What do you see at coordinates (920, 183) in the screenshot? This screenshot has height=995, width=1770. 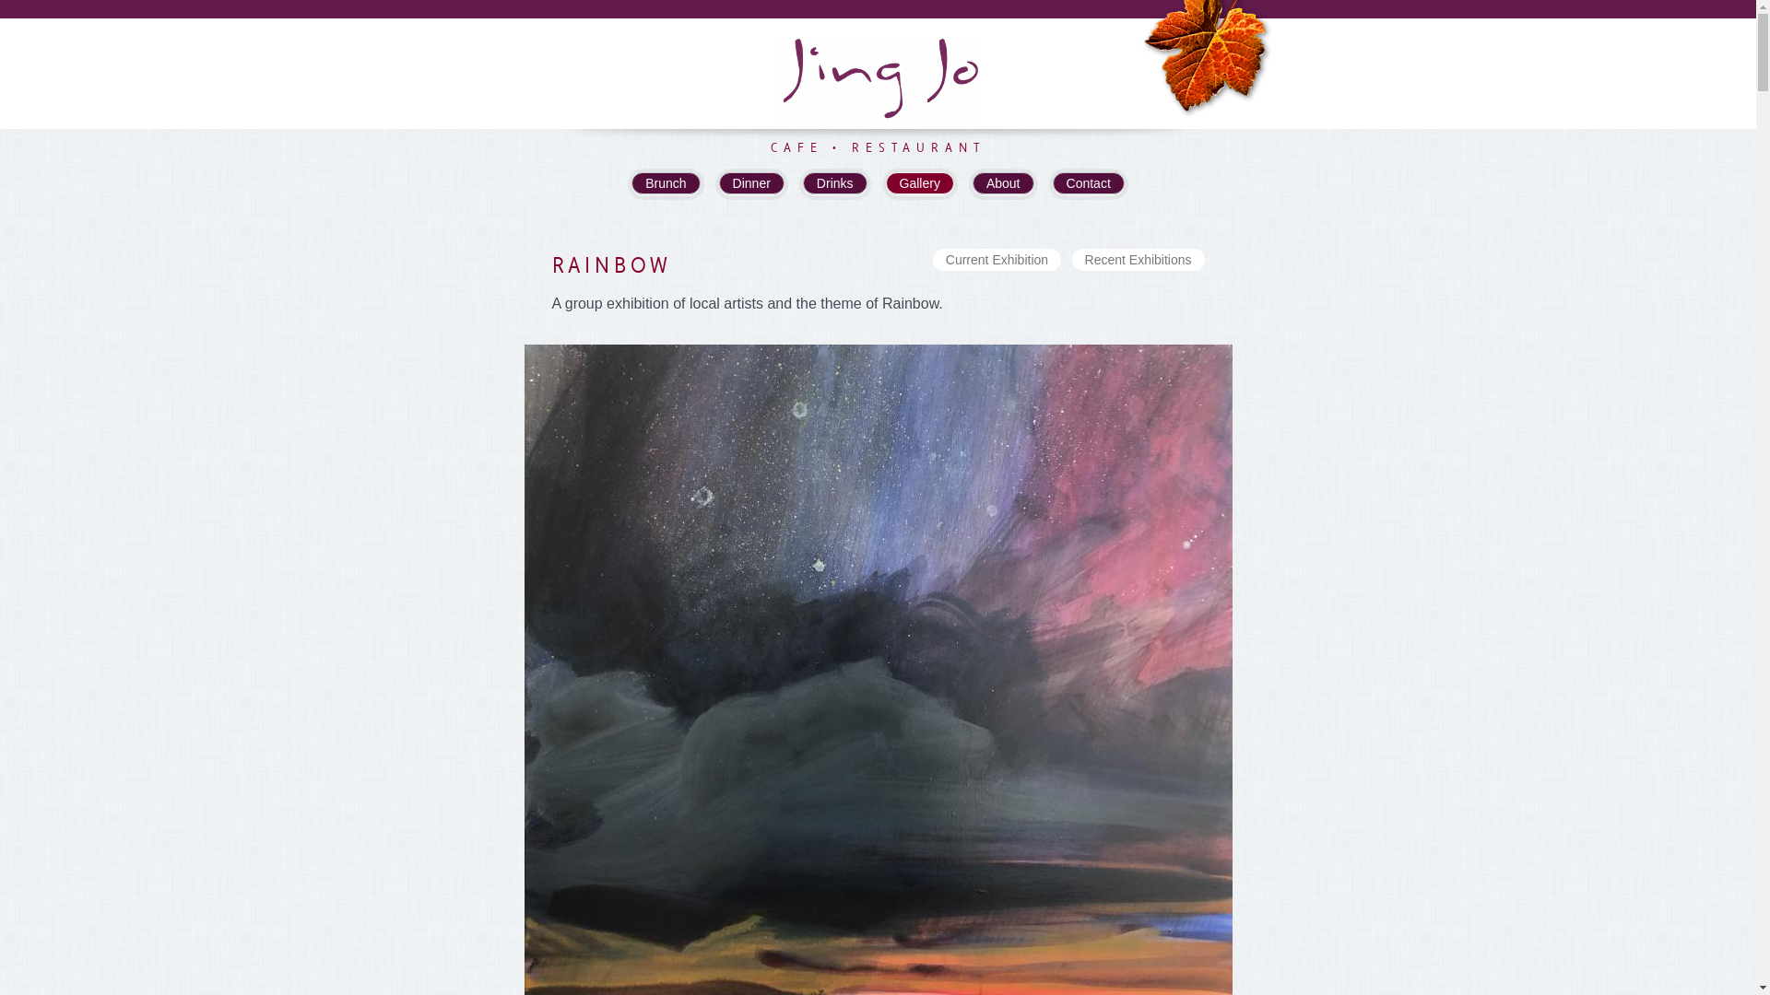 I see `'Gallery'` at bounding box center [920, 183].